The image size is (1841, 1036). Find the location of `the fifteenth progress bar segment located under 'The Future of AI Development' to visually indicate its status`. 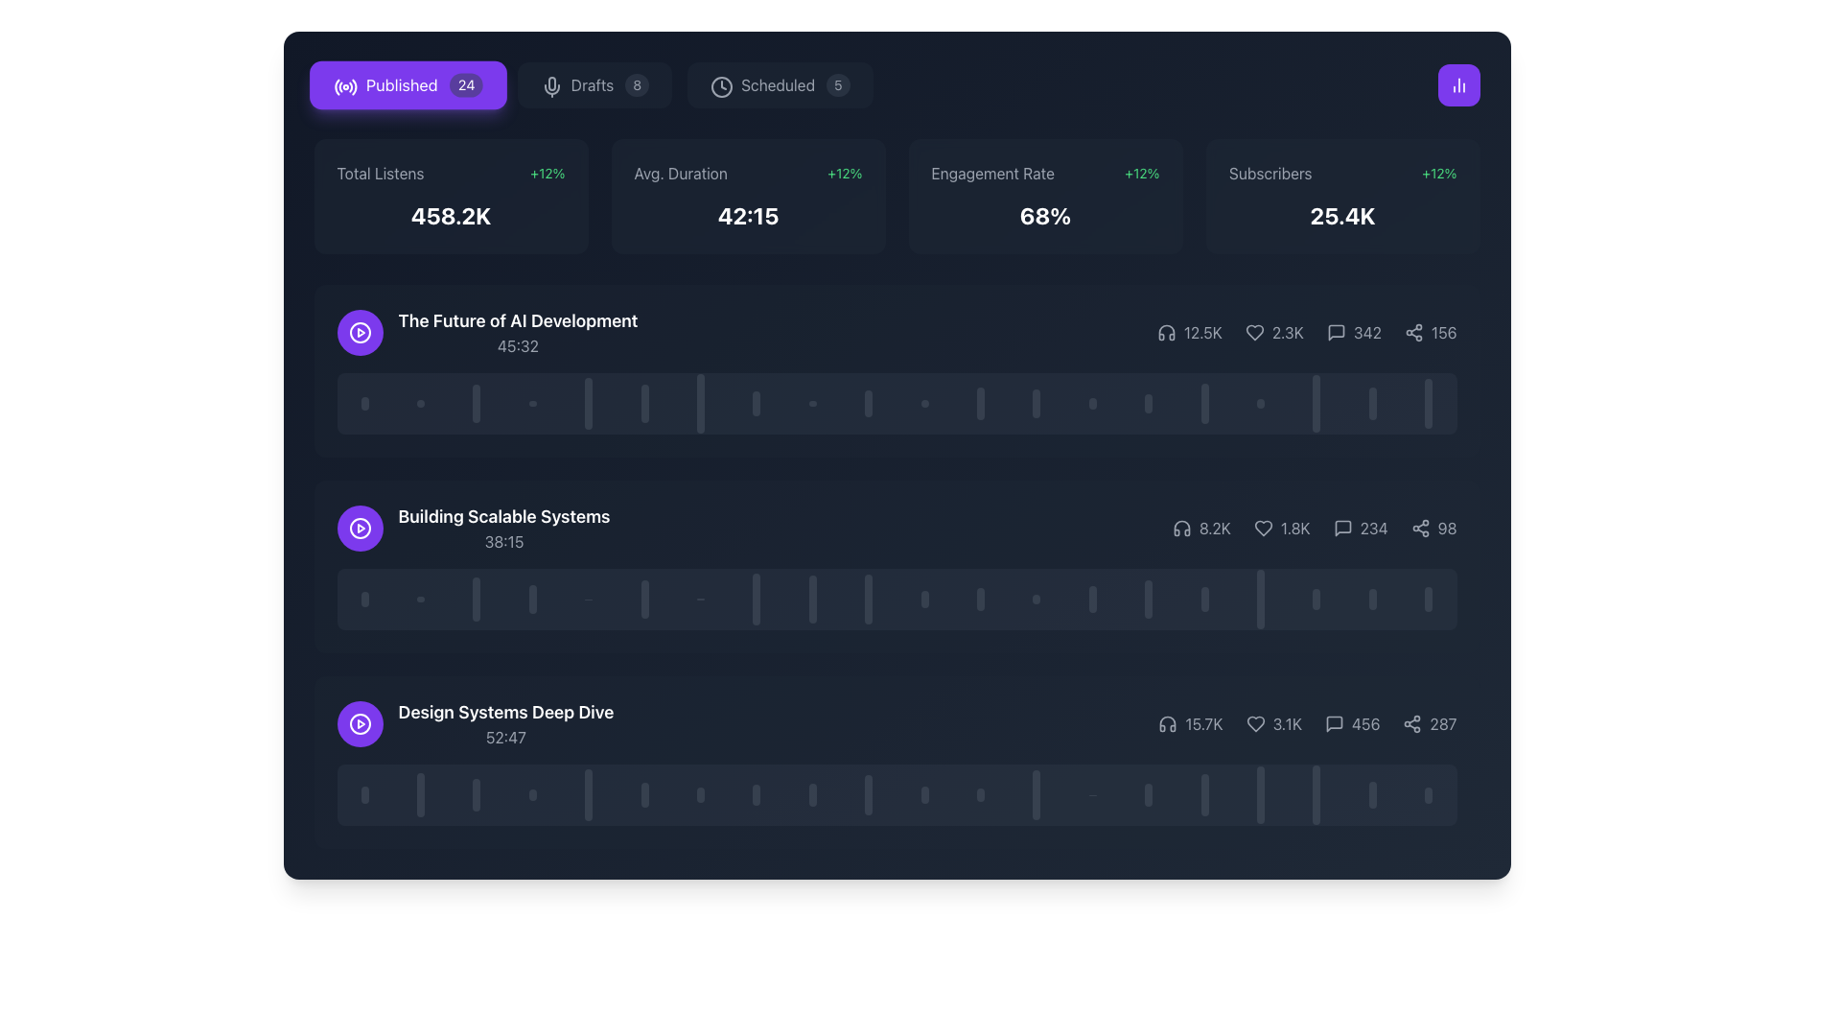

the fifteenth progress bar segment located under 'The Future of AI Development' to visually indicate its status is located at coordinates (1149, 402).